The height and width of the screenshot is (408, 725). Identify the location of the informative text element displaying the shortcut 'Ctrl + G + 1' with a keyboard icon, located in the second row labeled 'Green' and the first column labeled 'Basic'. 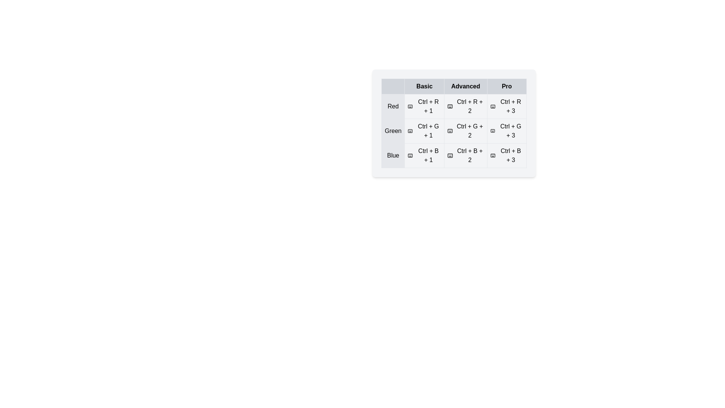
(424, 131).